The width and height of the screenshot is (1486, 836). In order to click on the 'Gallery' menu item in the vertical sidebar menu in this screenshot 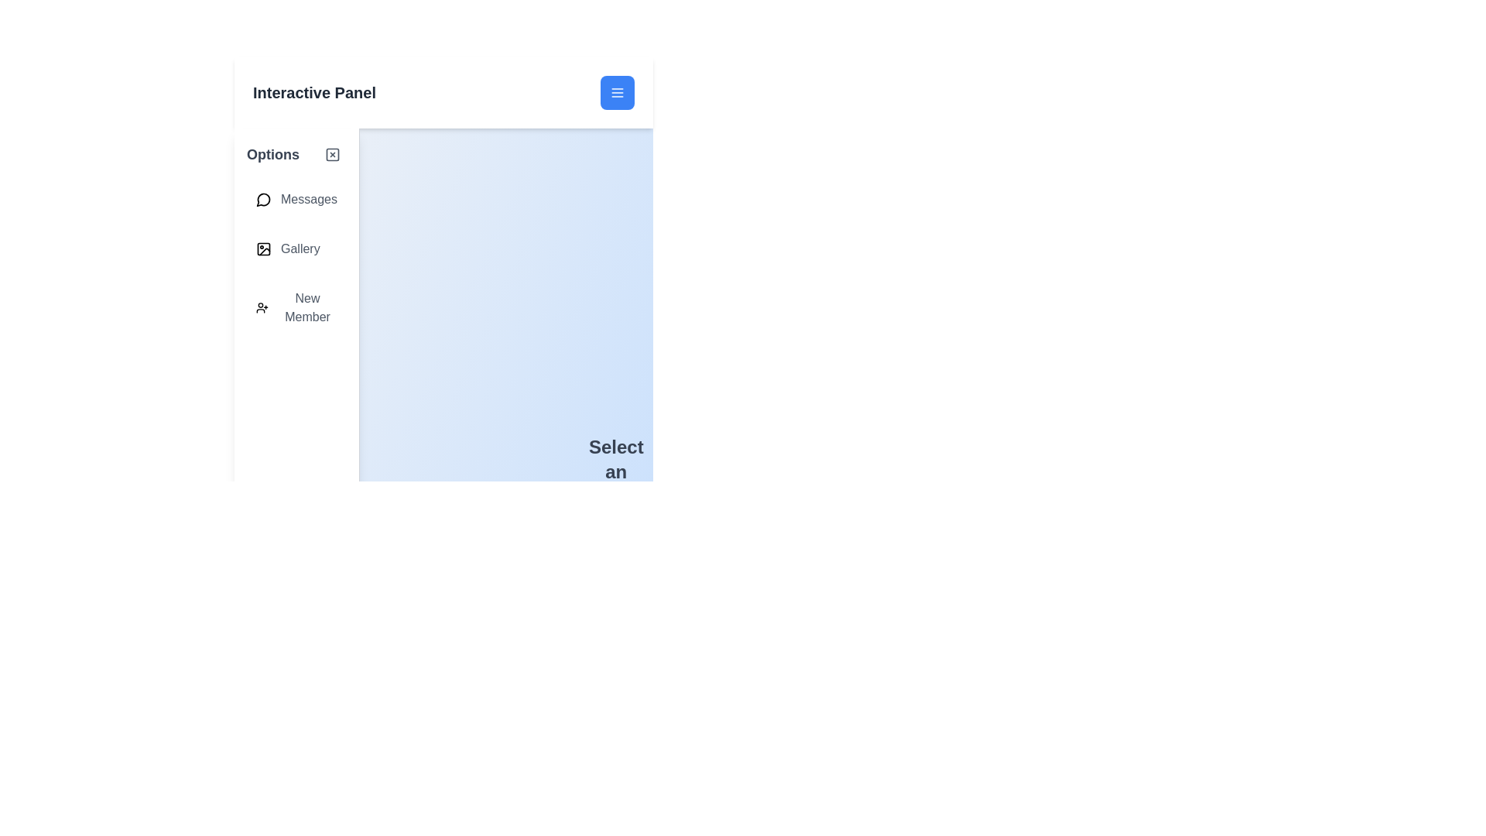, I will do `click(296, 248)`.